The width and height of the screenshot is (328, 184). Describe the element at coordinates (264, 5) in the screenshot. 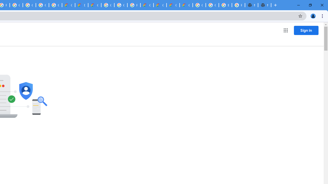

I see `'New Tab'` at that location.